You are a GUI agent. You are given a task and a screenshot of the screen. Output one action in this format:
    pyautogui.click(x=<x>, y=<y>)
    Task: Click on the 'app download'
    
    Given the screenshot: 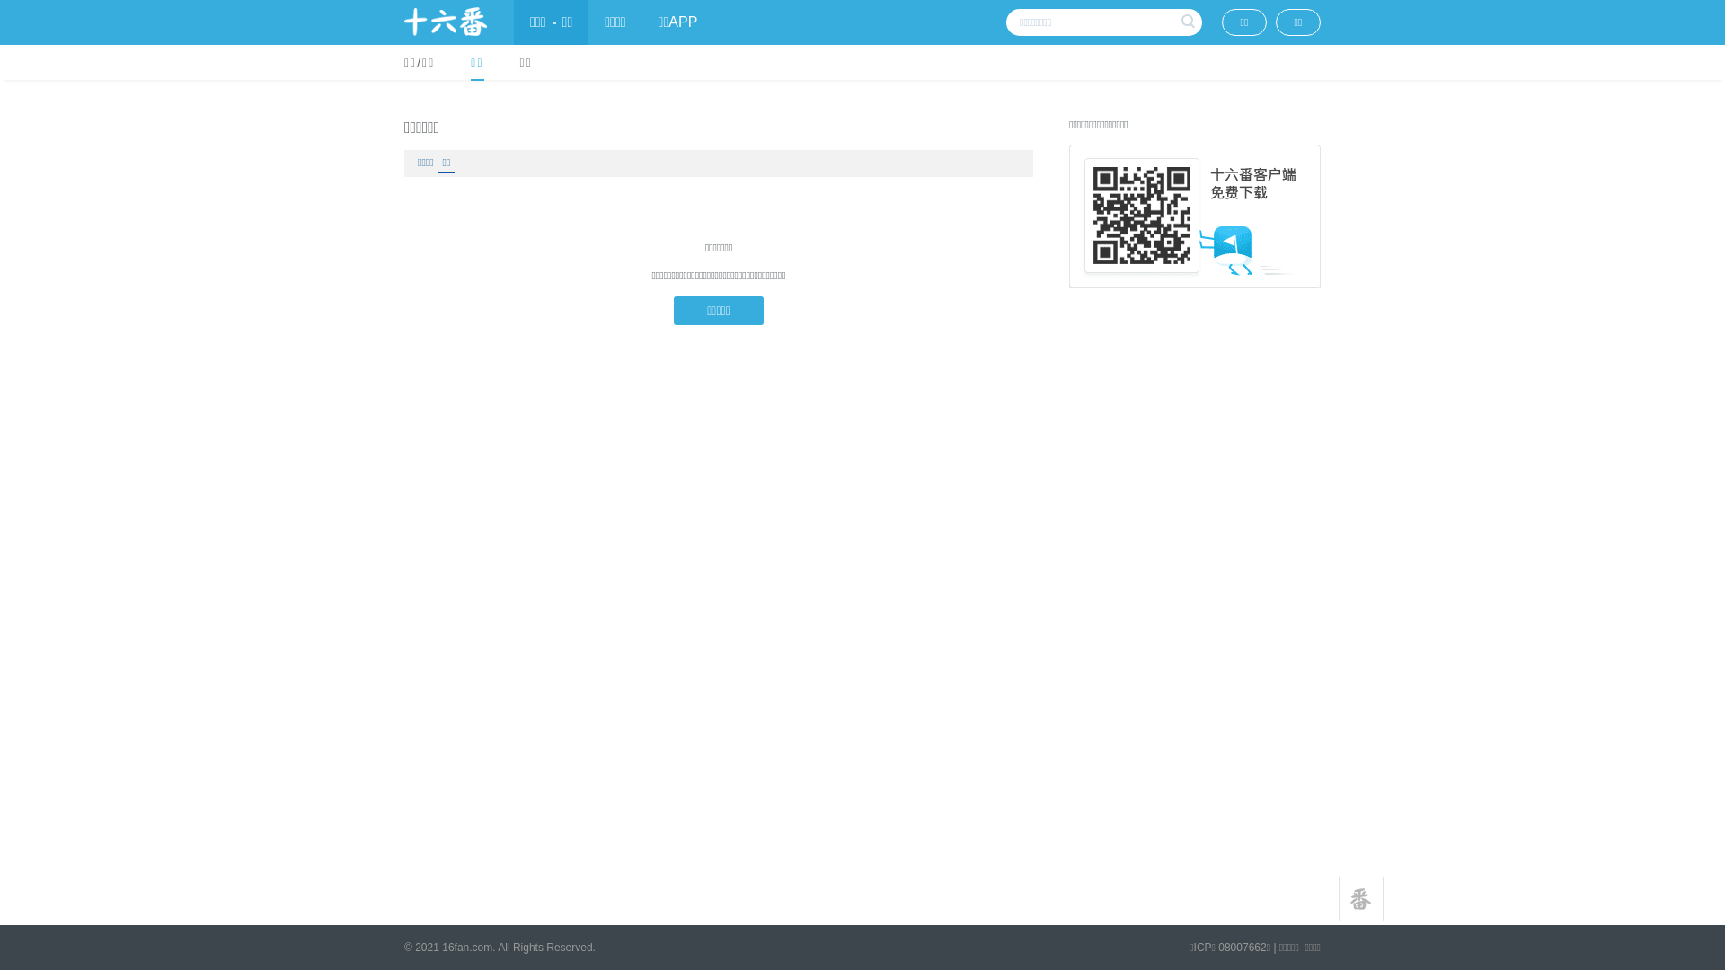 What is the action you would take?
    pyautogui.click(x=1194, y=215)
    